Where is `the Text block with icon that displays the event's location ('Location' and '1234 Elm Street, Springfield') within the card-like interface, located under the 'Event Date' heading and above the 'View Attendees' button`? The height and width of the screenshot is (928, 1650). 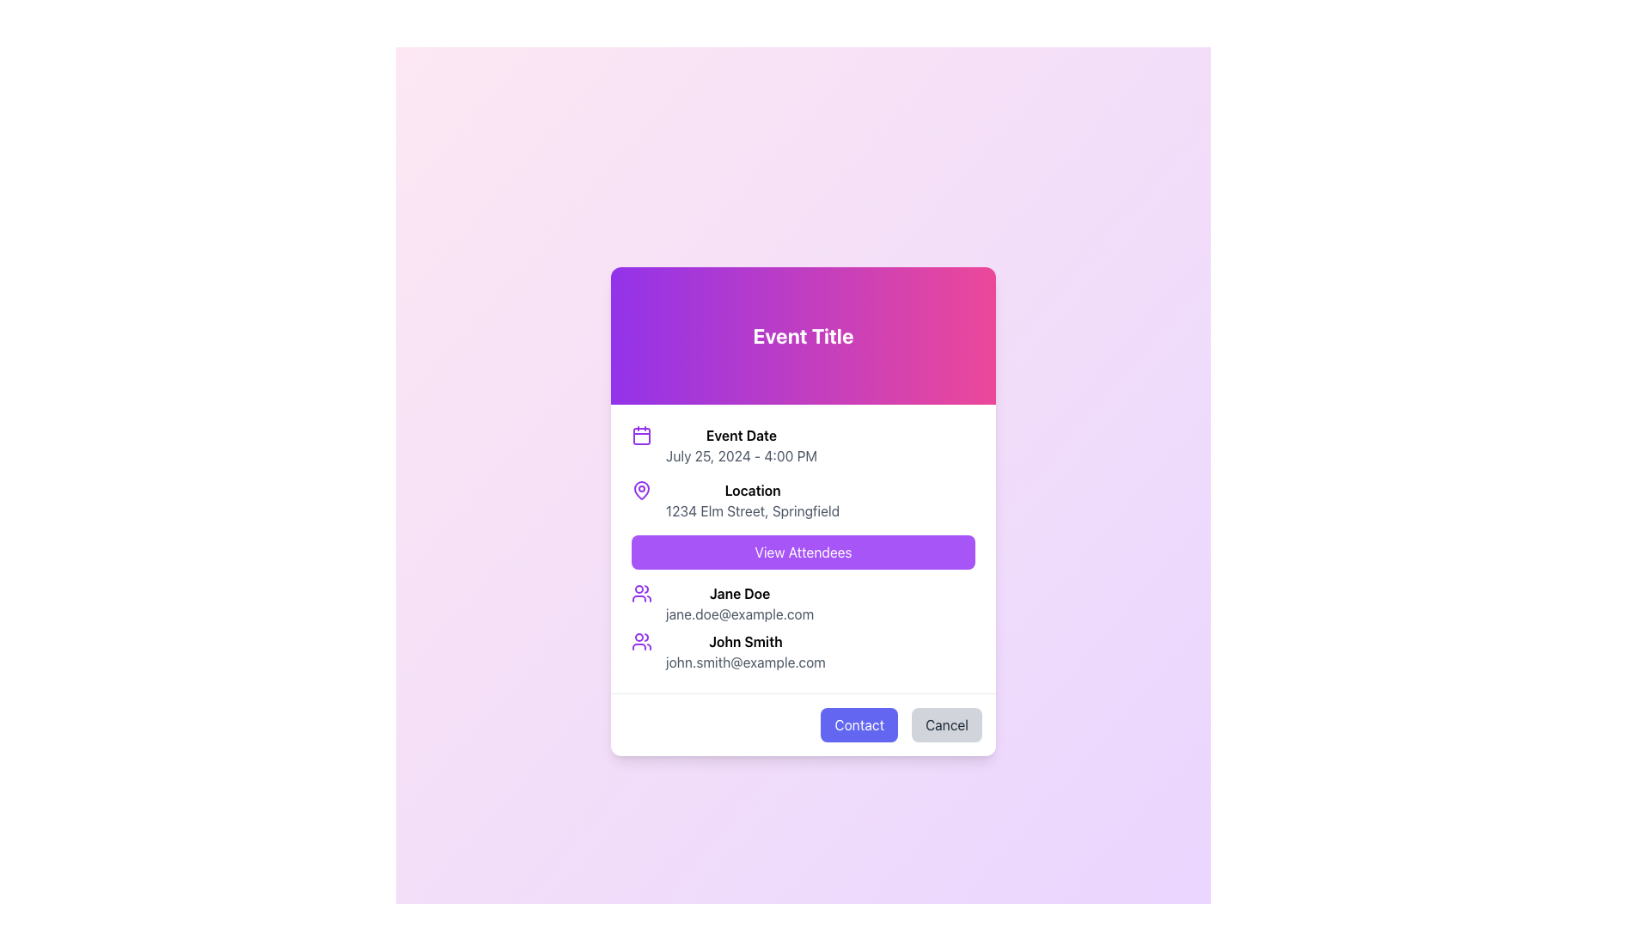 the Text block with icon that displays the event's location ('Location' and '1234 Elm Street, Springfield') within the card-like interface, located under the 'Event Date' heading and above the 'View Attendees' button is located at coordinates (803, 500).